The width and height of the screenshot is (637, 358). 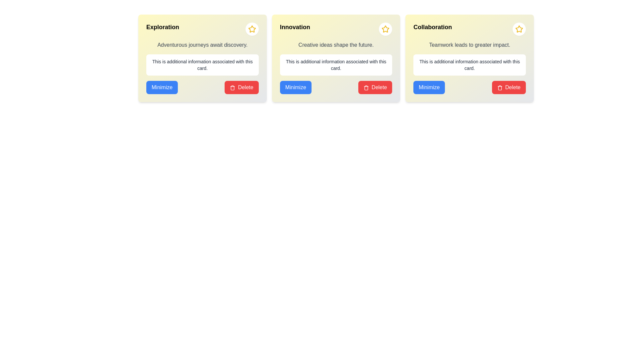 What do you see at coordinates (251, 29) in the screenshot?
I see `the star-shaped icon with a yellow outline located at the top-right corner of the 'Innovation' card` at bounding box center [251, 29].